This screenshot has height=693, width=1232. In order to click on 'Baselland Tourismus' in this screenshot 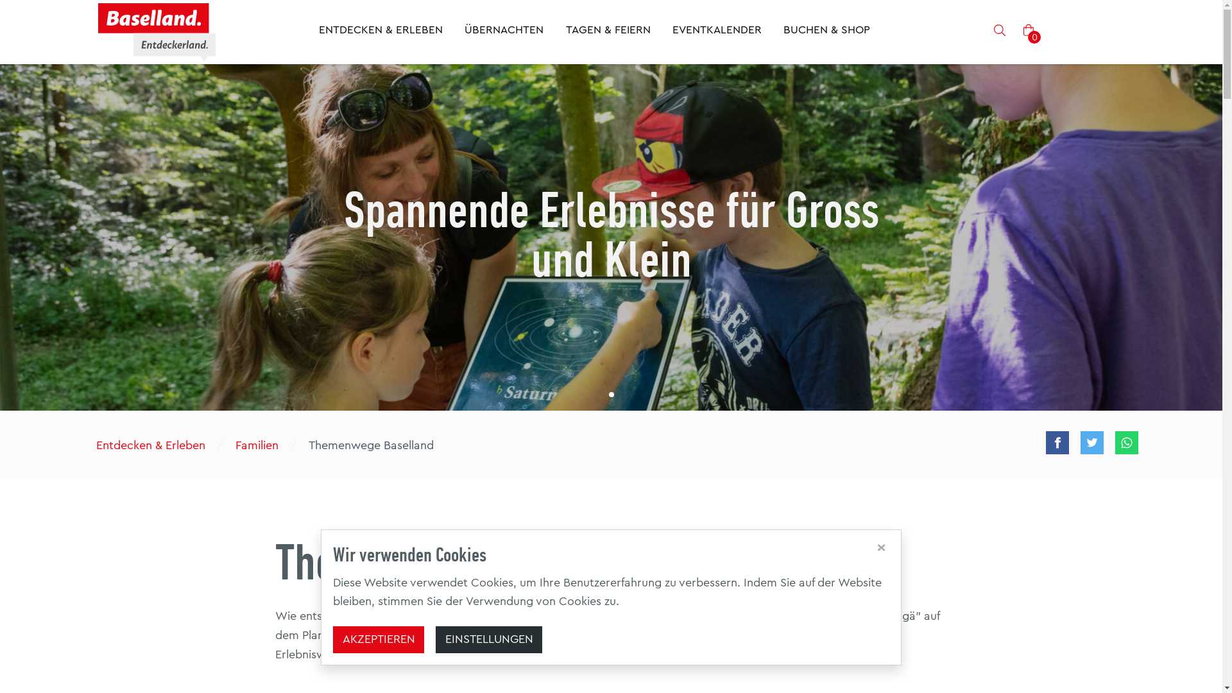, I will do `click(156, 31)`.